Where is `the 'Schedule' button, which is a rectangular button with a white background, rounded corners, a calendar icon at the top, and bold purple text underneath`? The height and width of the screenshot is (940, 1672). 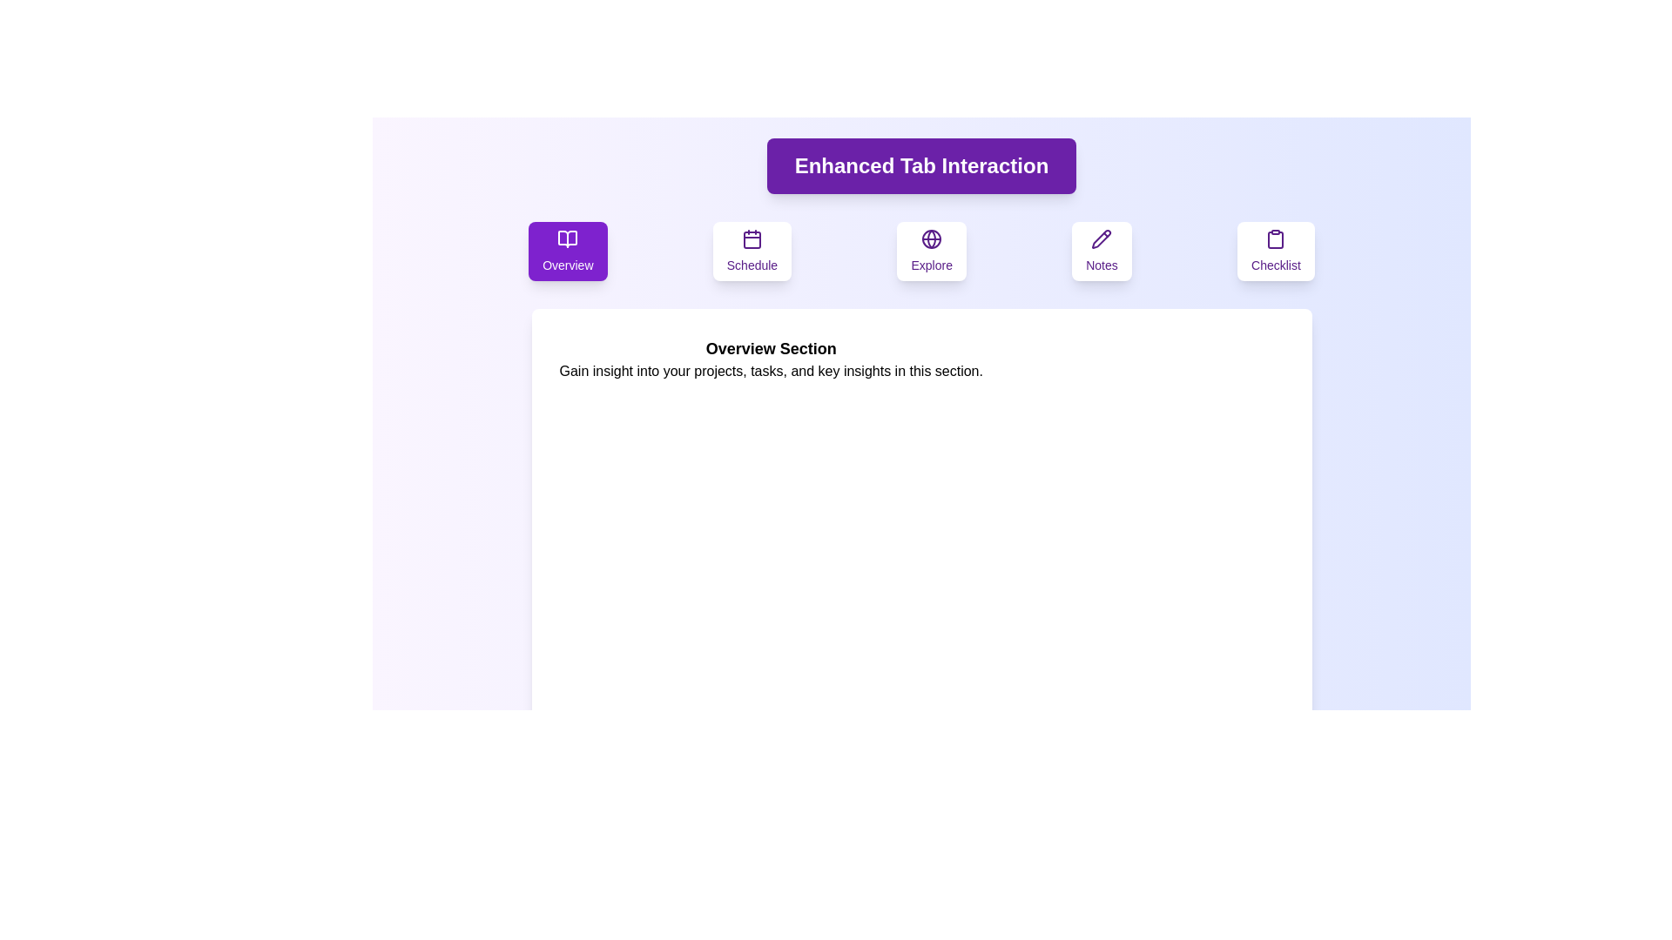
the 'Schedule' button, which is a rectangular button with a white background, rounded corners, a calendar icon at the top, and bold purple text underneath is located at coordinates (752, 252).